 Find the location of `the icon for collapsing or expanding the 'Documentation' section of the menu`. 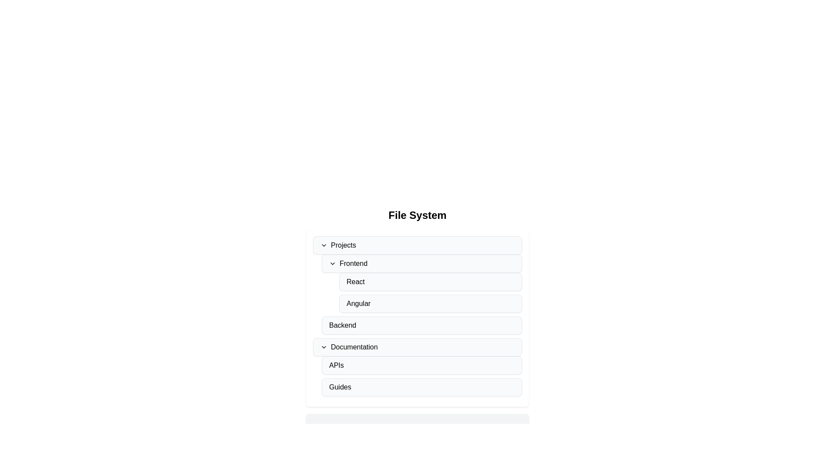

the icon for collapsing or expanding the 'Documentation' section of the menu is located at coordinates (324, 347).